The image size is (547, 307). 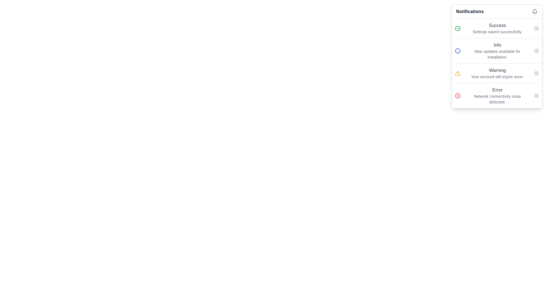 I want to click on the small circular dismiss button with a cross symbol located at the far-right end of the 'Info' notification message, so click(x=536, y=50).